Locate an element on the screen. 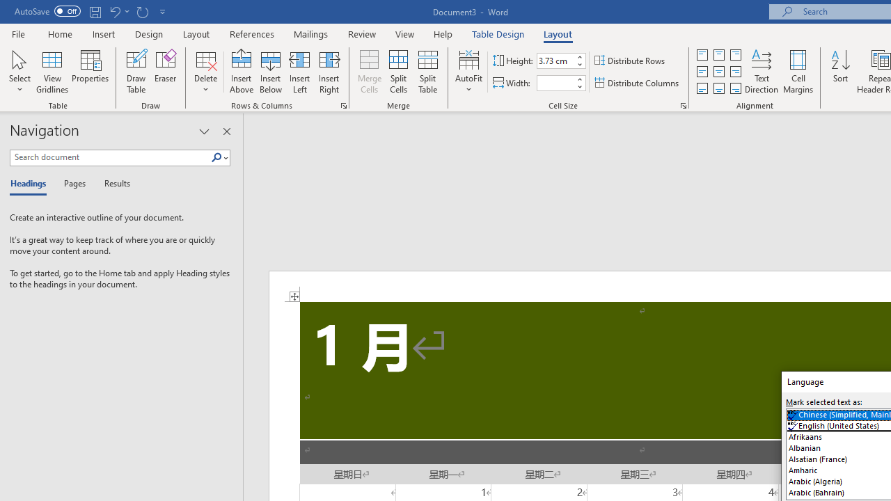 The image size is (891, 501). 'View' is located at coordinates (404, 33).